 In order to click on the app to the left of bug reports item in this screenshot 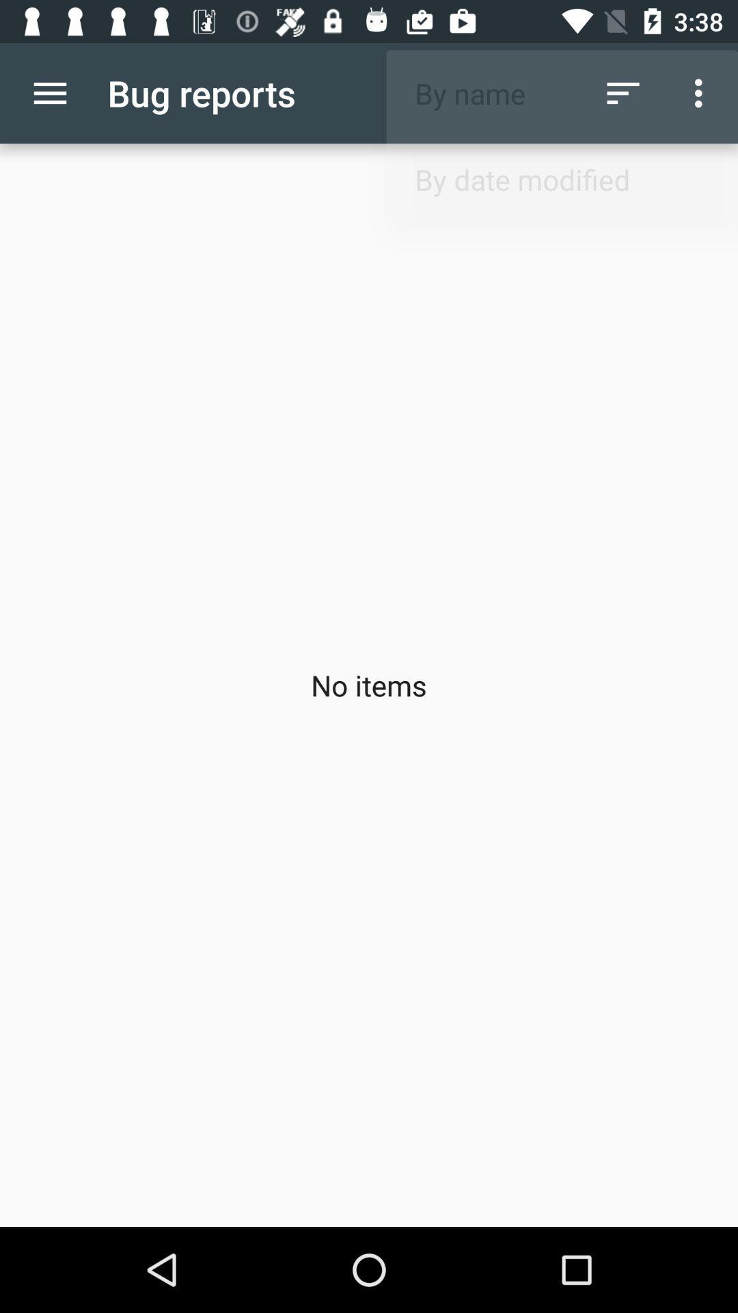, I will do `click(49, 92)`.